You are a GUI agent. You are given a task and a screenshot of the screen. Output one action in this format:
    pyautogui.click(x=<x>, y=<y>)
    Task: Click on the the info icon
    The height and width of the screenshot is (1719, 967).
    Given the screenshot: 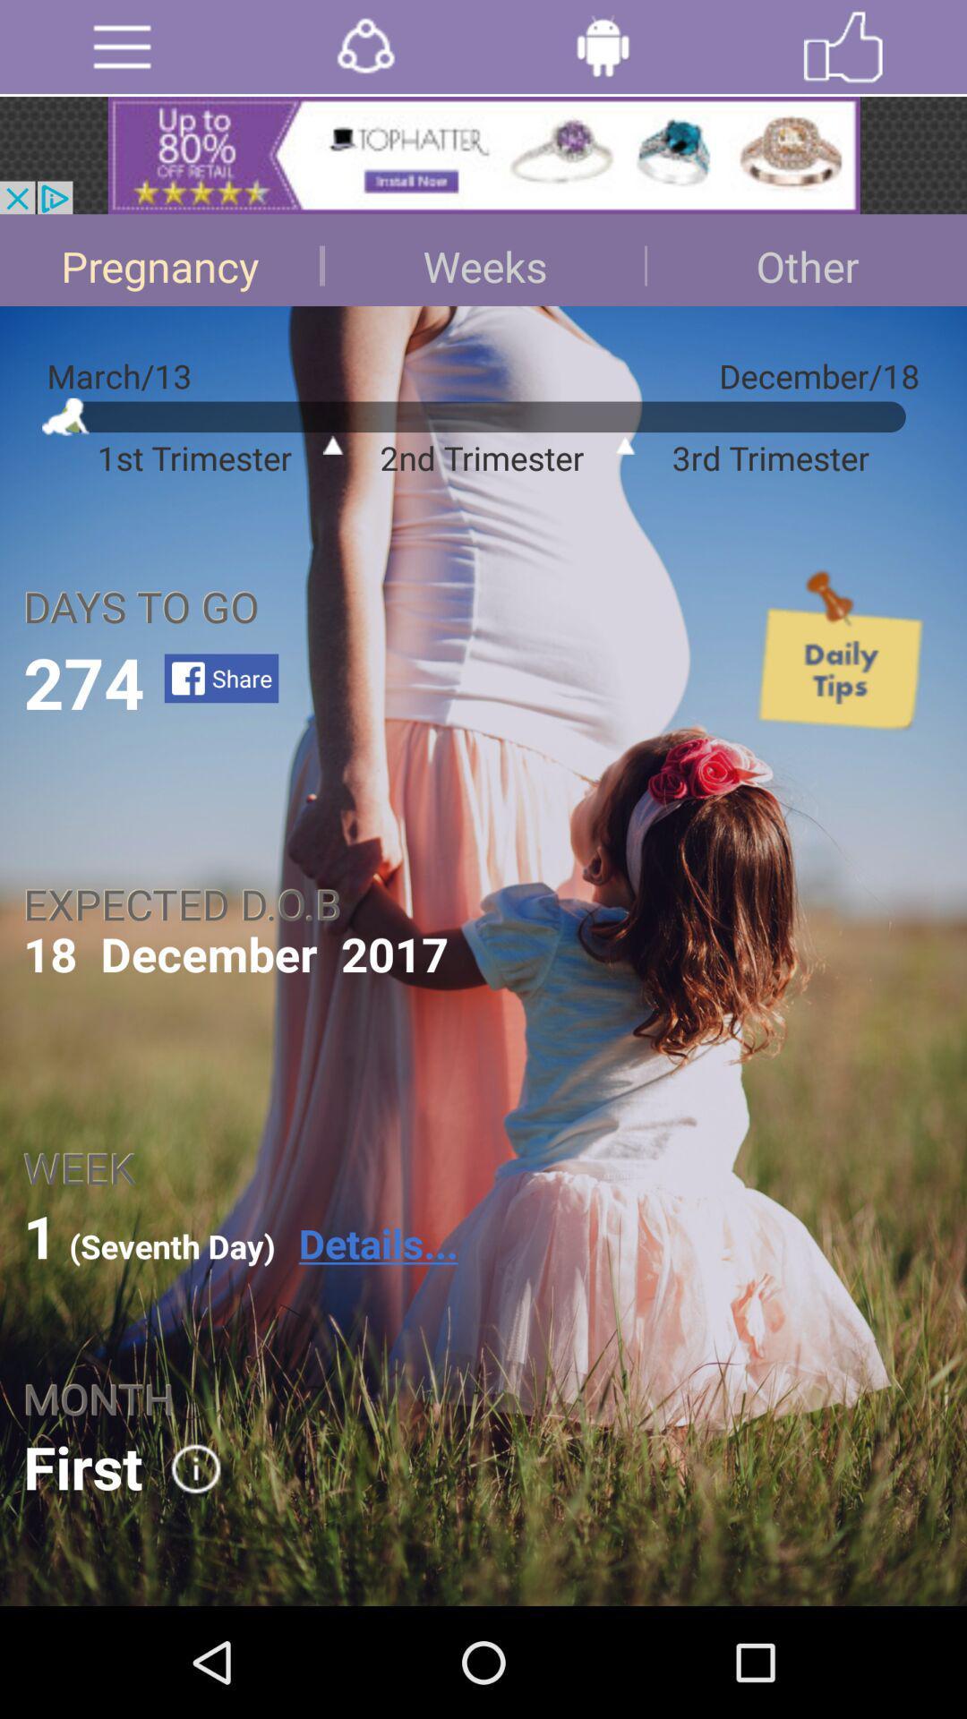 What is the action you would take?
    pyautogui.click(x=184, y=1570)
    